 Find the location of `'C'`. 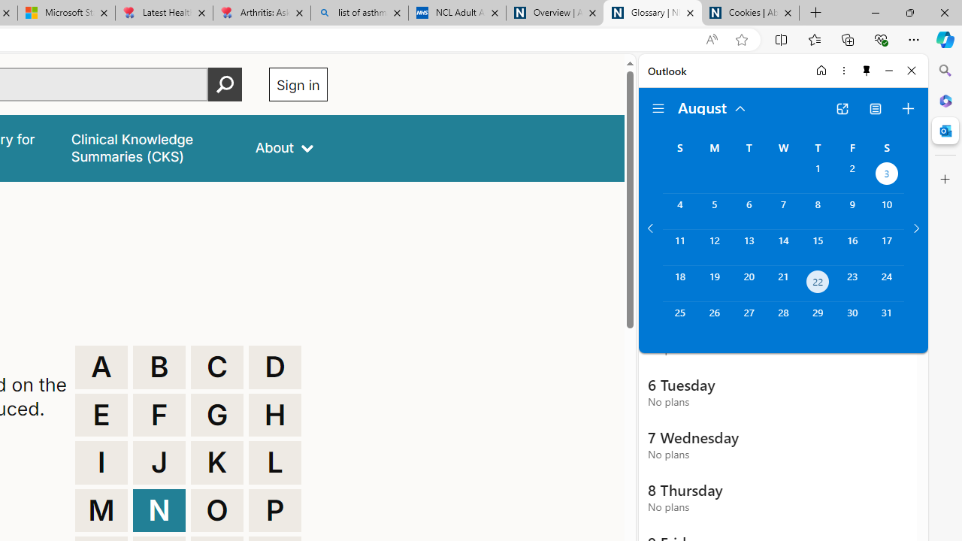

'C' is located at coordinates (216, 367).